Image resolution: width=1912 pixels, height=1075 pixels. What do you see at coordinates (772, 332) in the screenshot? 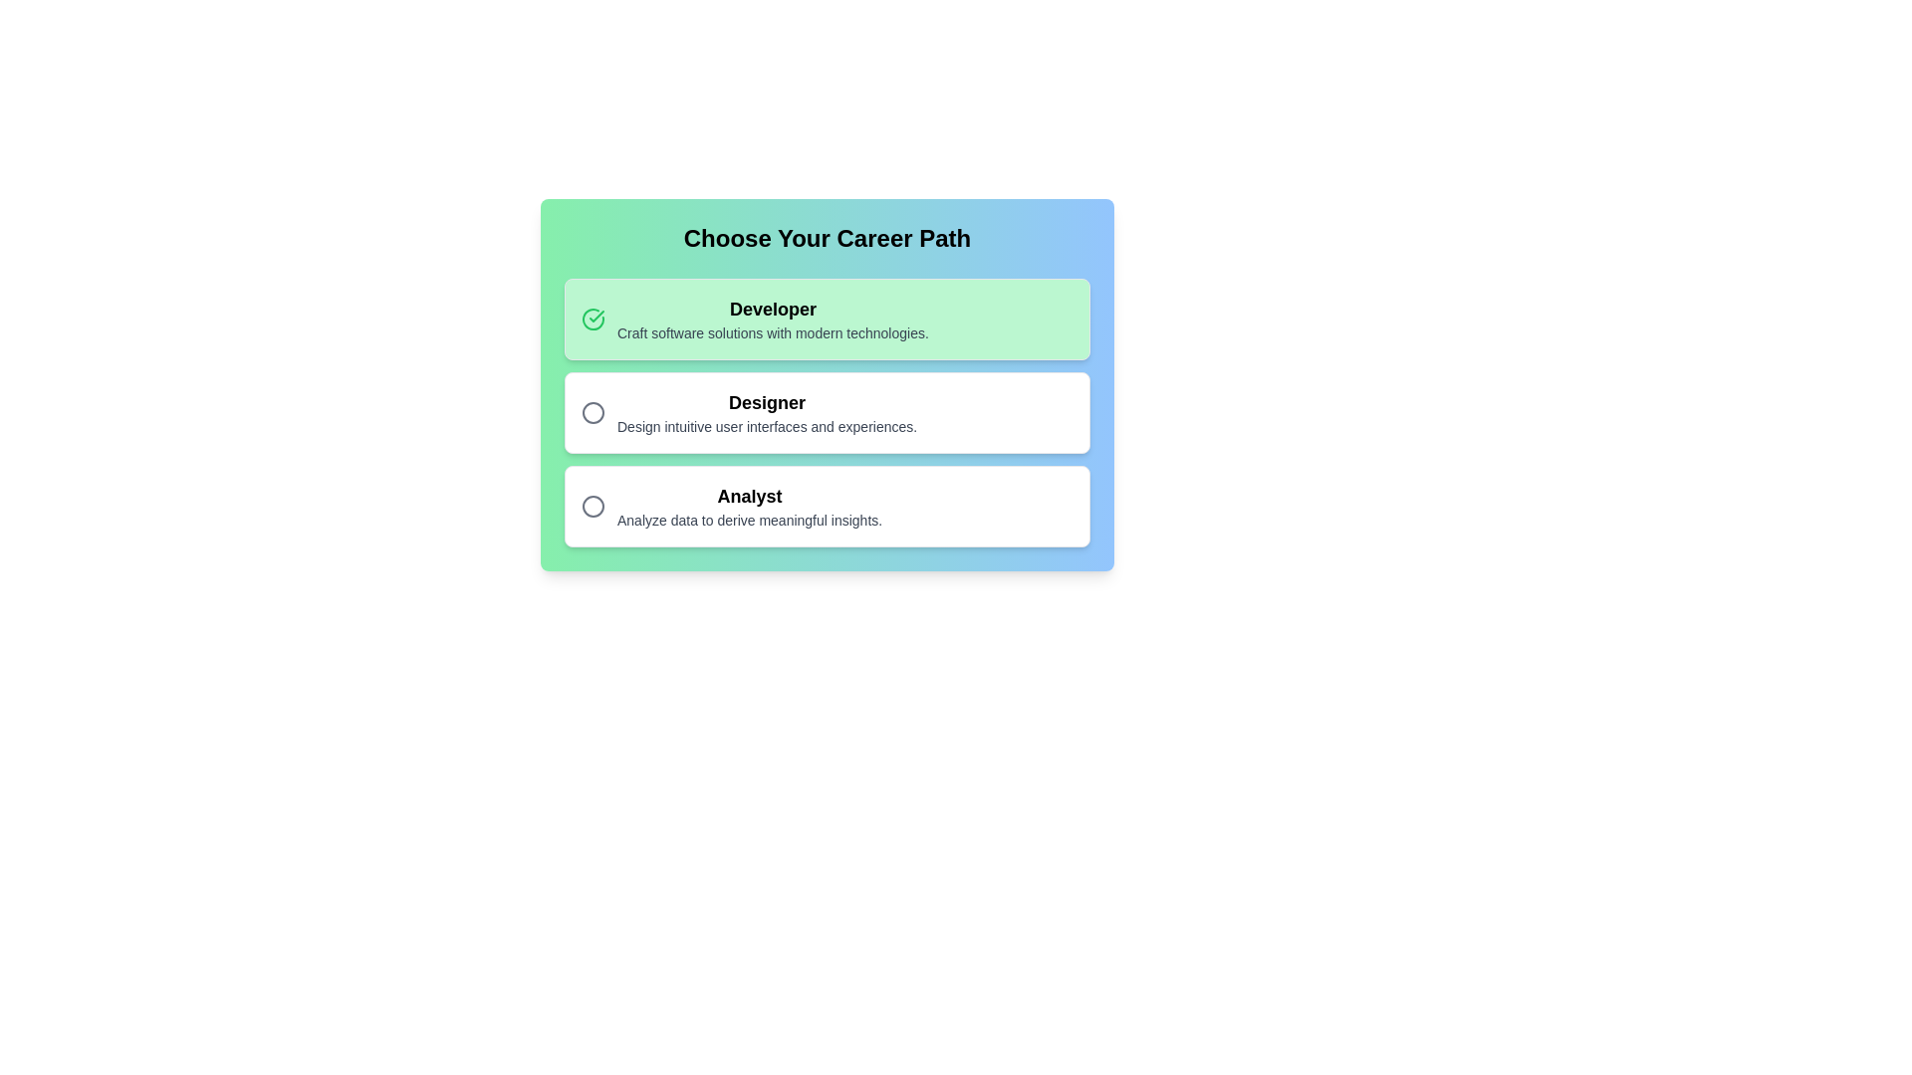
I see `the text element displaying the phrase 'Craft software solutions with modern technologies.' which is located below the bold title 'Developer' within the topmost card of three similar vertically stacked cards` at bounding box center [772, 332].